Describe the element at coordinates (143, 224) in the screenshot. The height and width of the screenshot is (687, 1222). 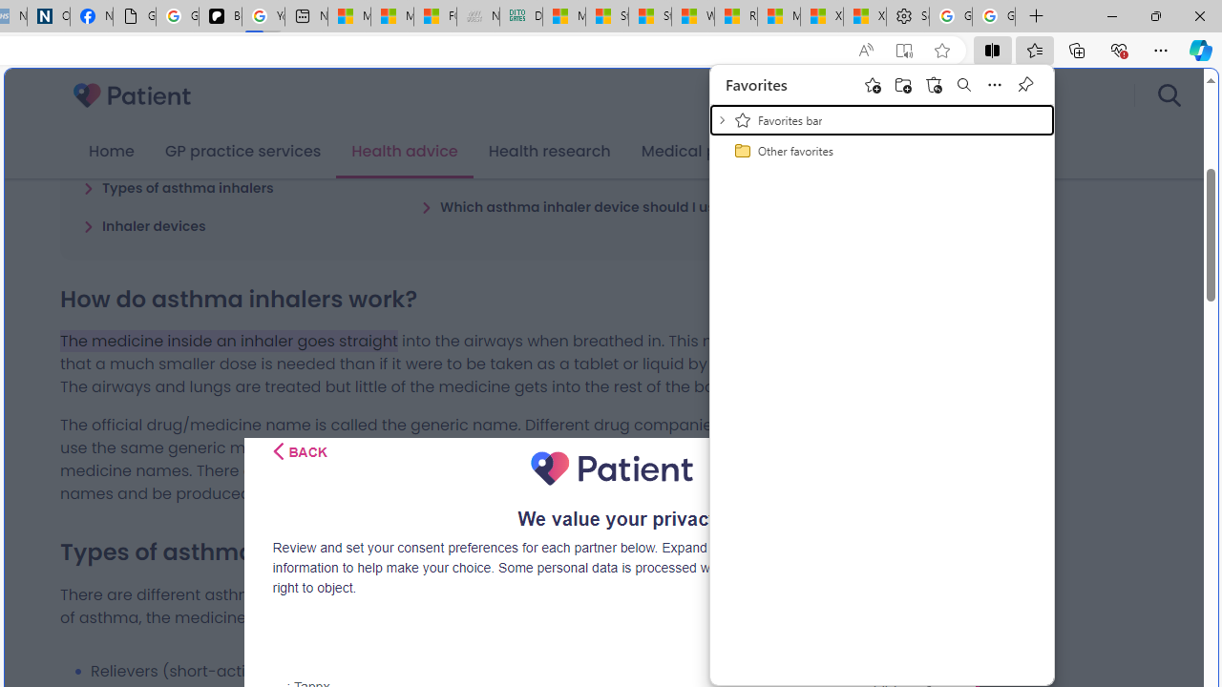
I see `'Inhaler devices'` at that location.